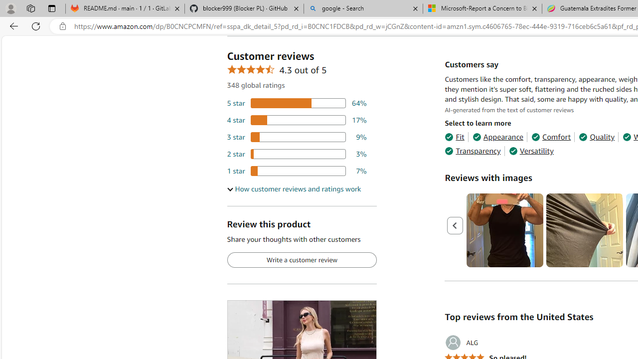 This screenshot has width=638, height=359. Describe the element at coordinates (455, 225) in the screenshot. I see `'Previous page'` at that location.